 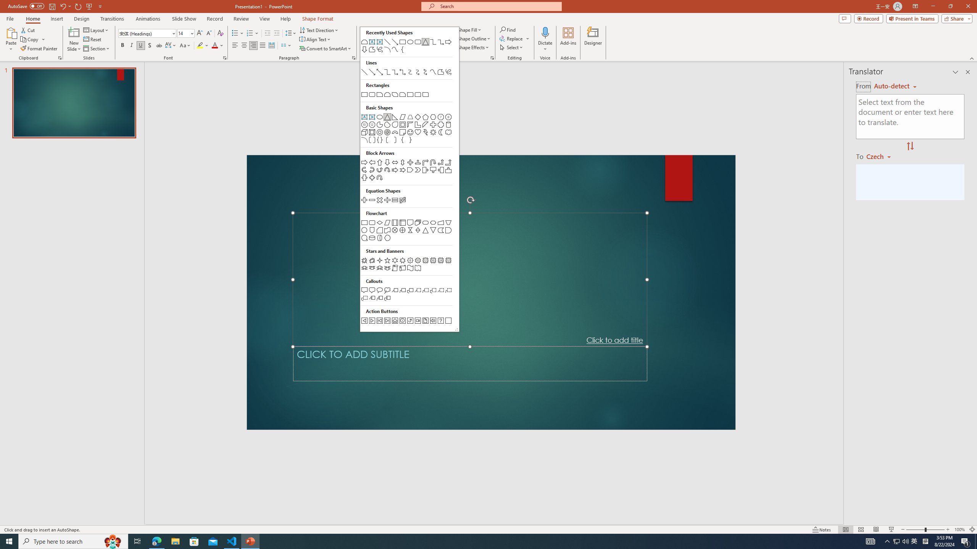 I want to click on 'Subtitle TextBox', so click(x=470, y=363).